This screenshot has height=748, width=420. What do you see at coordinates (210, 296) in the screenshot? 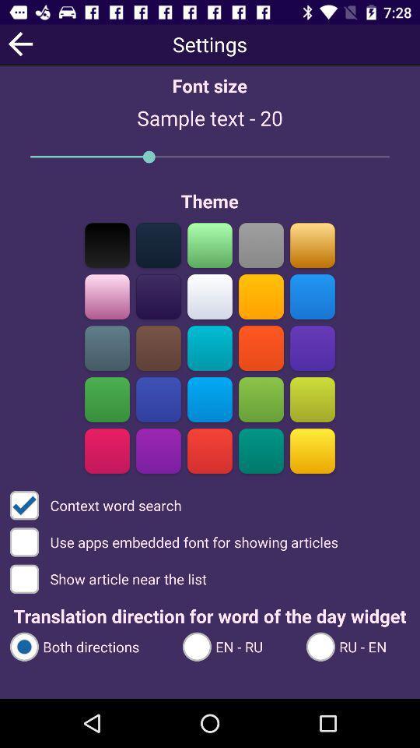
I see `the color of theme select the theme color` at bounding box center [210, 296].